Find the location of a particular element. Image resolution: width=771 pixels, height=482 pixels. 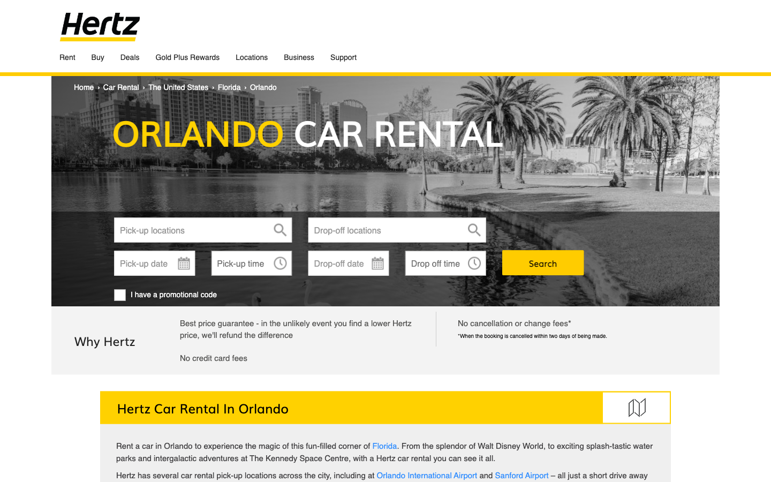

Specify the beginning and termination date for reservation is located at coordinates (154, 262).